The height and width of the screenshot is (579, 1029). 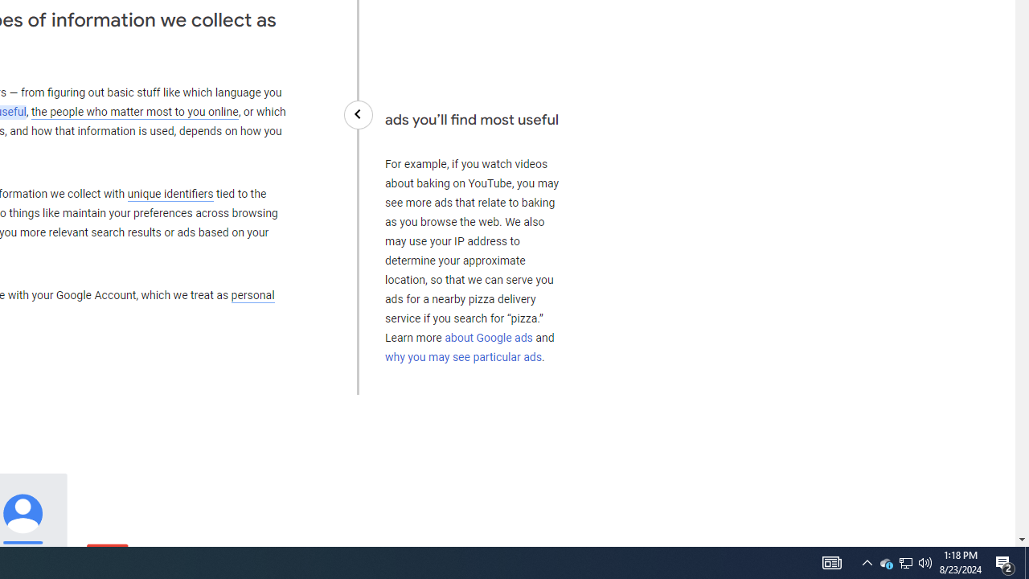 I want to click on 'unique identifiers', so click(x=170, y=193).